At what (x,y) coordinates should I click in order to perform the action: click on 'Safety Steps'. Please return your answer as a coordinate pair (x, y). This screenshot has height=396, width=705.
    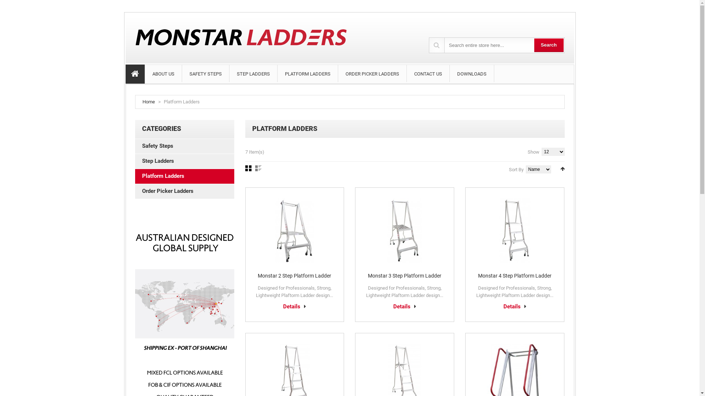
    Looking at the image, I should click on (185, 146).